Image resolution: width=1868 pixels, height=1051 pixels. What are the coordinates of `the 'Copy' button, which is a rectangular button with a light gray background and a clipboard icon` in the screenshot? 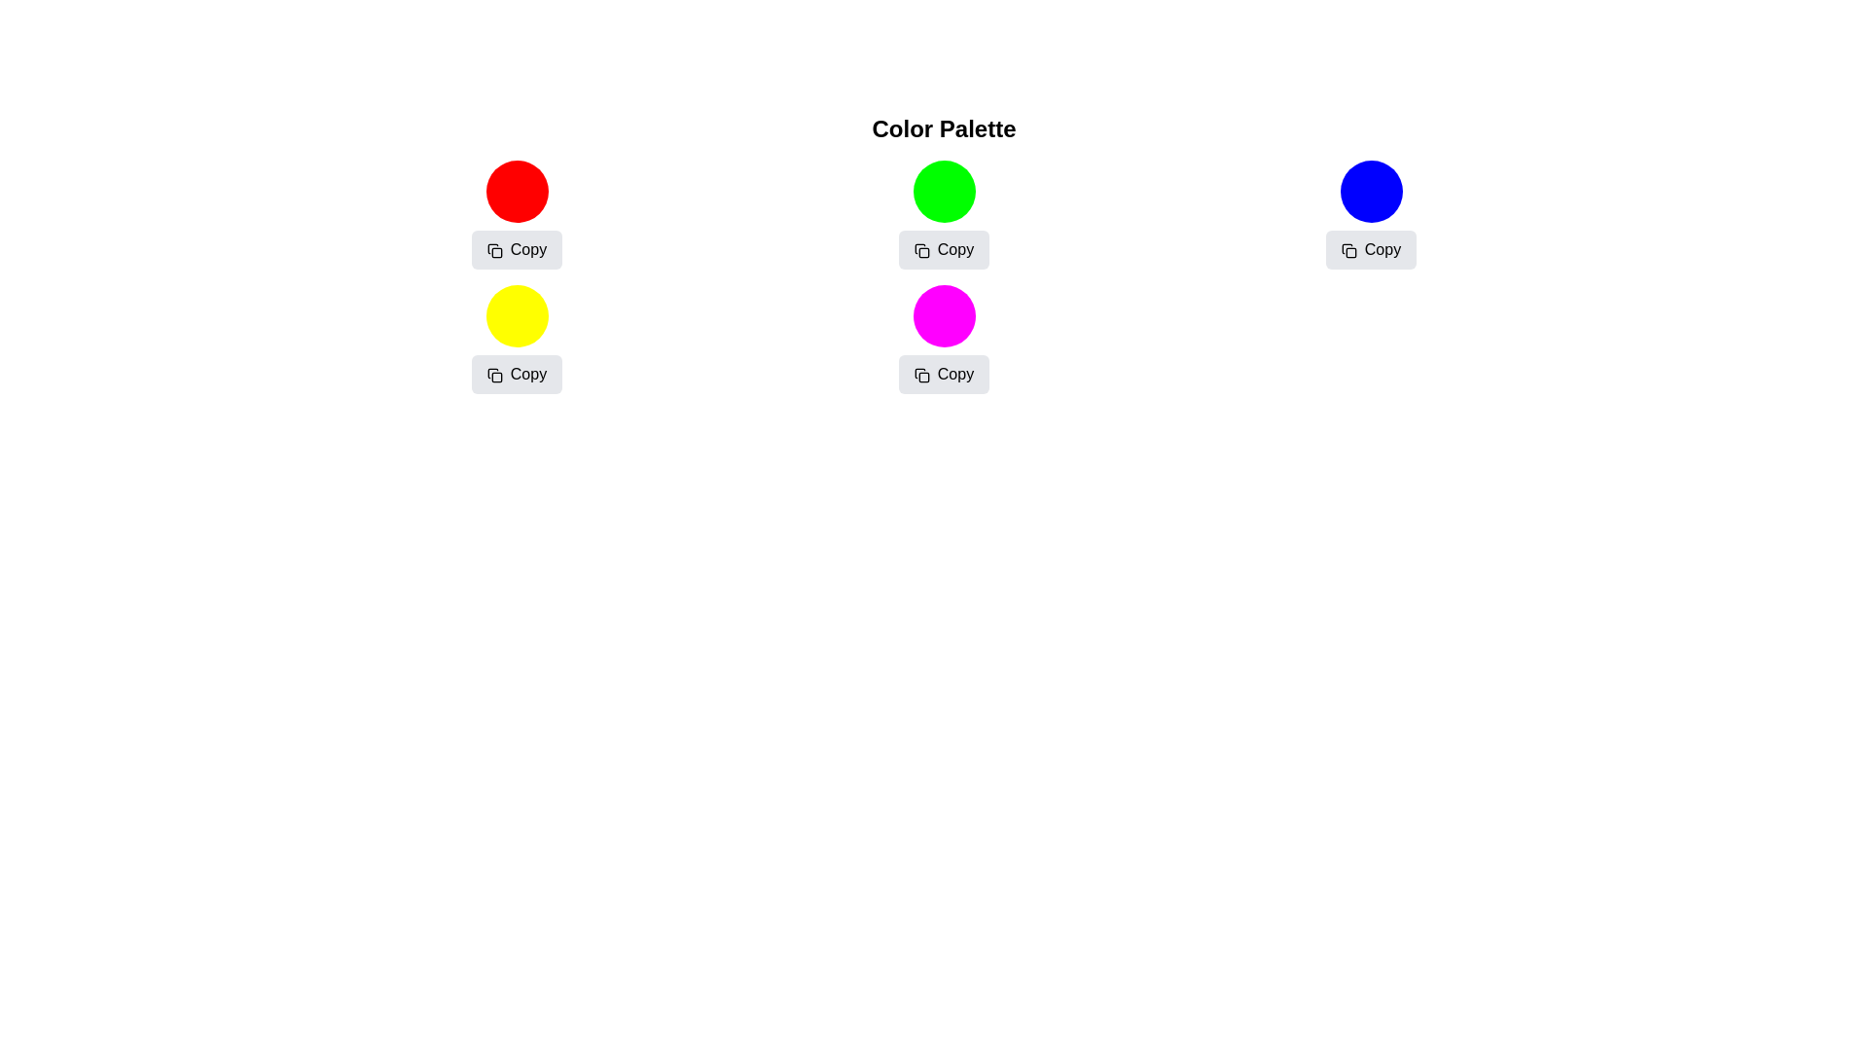 It's located at (1370, 249).